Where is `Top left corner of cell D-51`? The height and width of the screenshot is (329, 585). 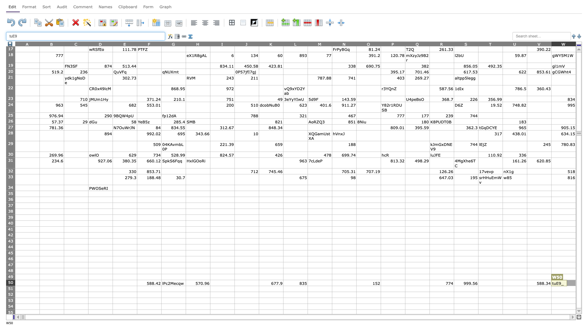
Top left corner of cell D-51 is located at coordinates (88, 286).